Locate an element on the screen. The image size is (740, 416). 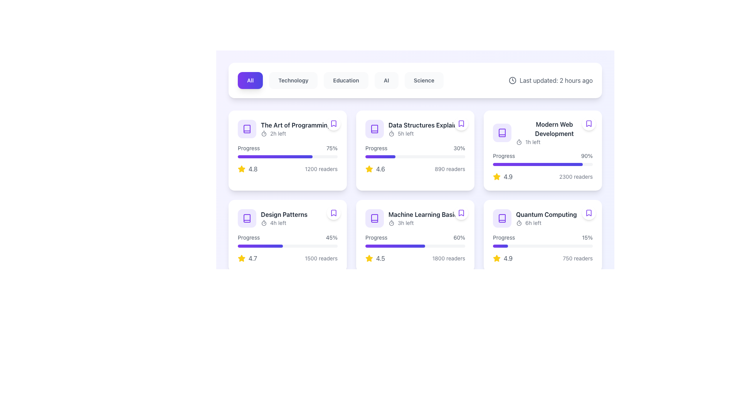
text label displaying 'Progress' in gray color, positioned above the blue progress bar in the 'Modern Web Development' card is located at coordinates (504, 156).